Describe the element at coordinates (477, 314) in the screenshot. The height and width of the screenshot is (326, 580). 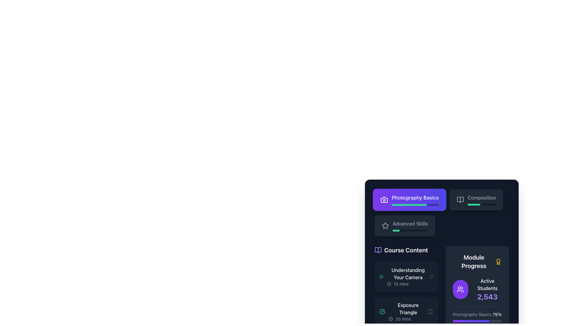
I see `information displayed in the text-based informational block representing the completion percentage for the 'Photography Basics' module, located in the 'Module Progress' section` at that location.